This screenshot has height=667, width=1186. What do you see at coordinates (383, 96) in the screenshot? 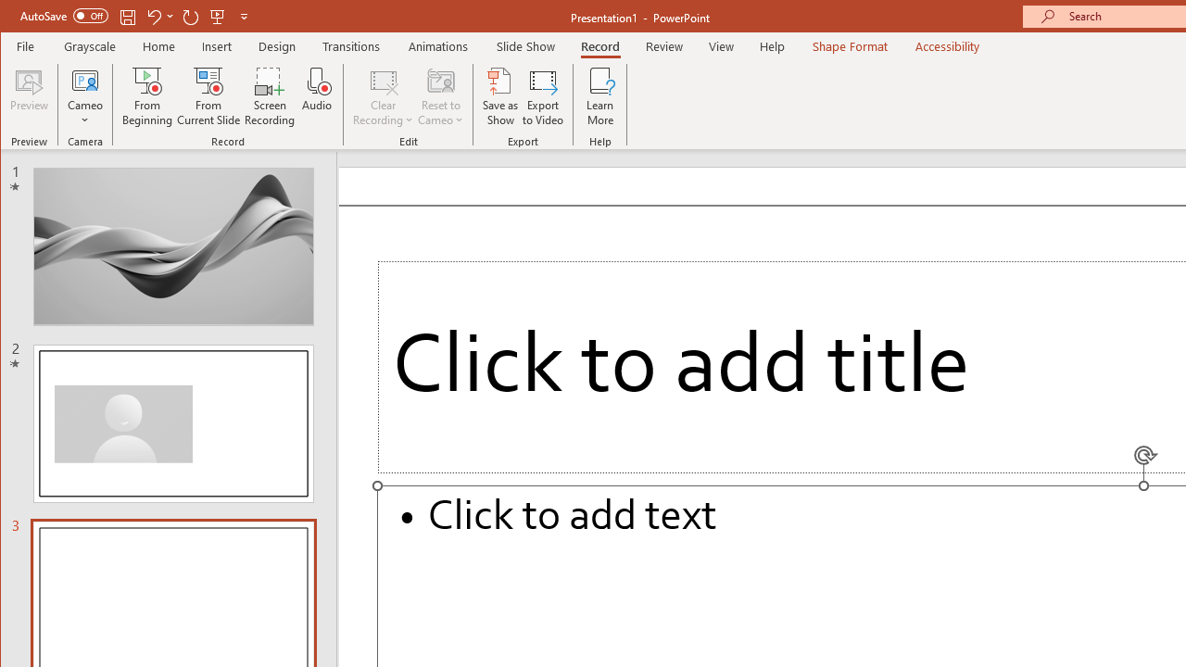
I see `'Clear Recording'` at bounding box center [383, 96].